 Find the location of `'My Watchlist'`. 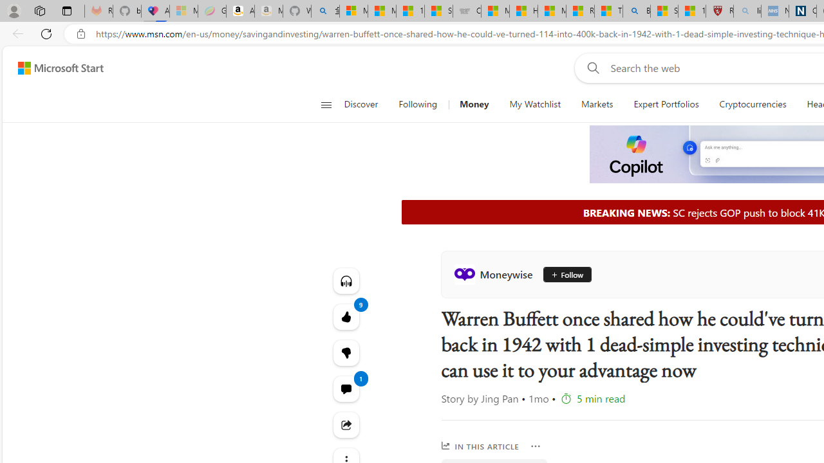

'My Watchlist' is located at coordinates (534, 104).